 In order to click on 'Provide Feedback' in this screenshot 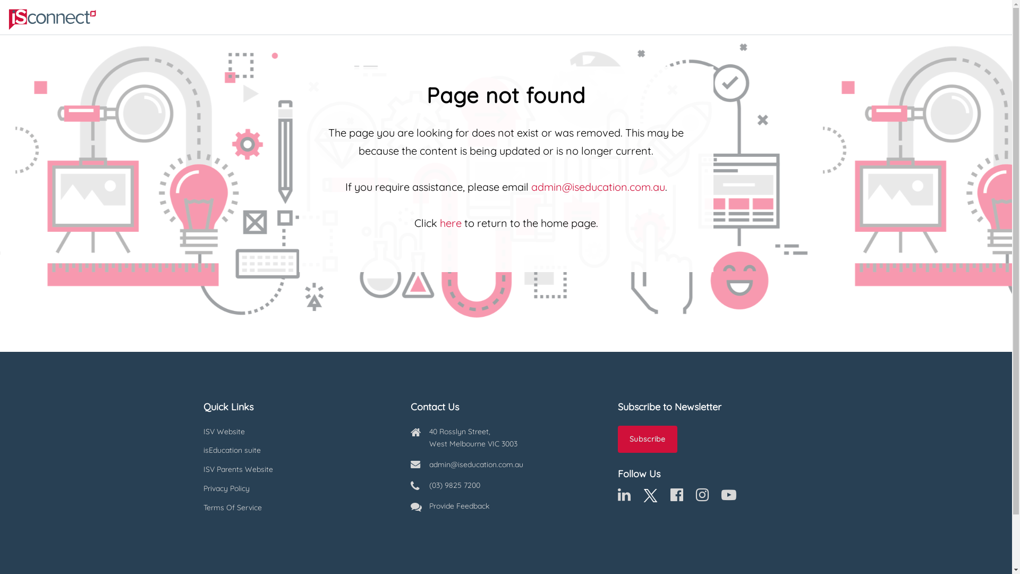, I will do `click(459, 505)`.